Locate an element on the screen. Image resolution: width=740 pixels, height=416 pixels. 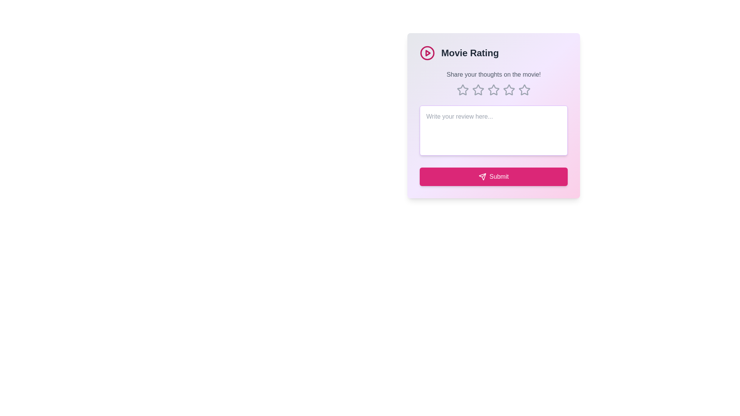
the stylized paper airplane icon located within the bright pink 'Submit' button at the bottom center of the modal interface is located at coordinates (482, 177).